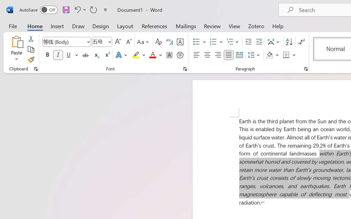  Describe the element at coordinates (217, 55) in the screenshot. I see `'Align Right'` at that location.